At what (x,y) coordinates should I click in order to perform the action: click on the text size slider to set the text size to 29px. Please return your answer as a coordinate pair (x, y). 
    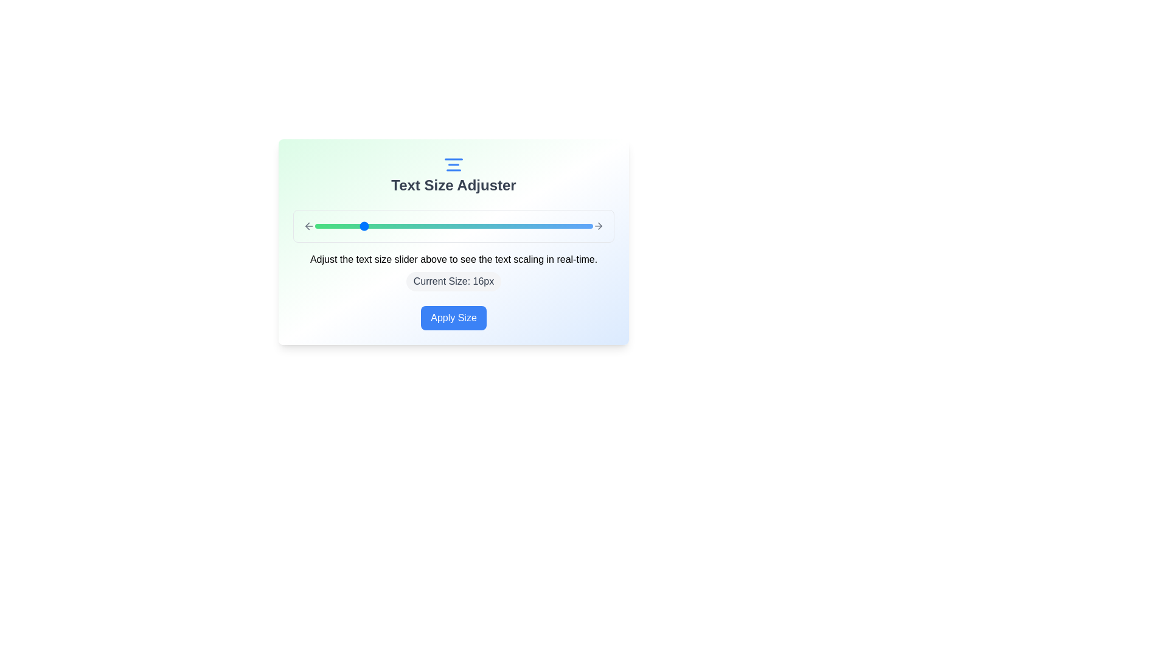
    Looking at the image, I should click on (512, 226).